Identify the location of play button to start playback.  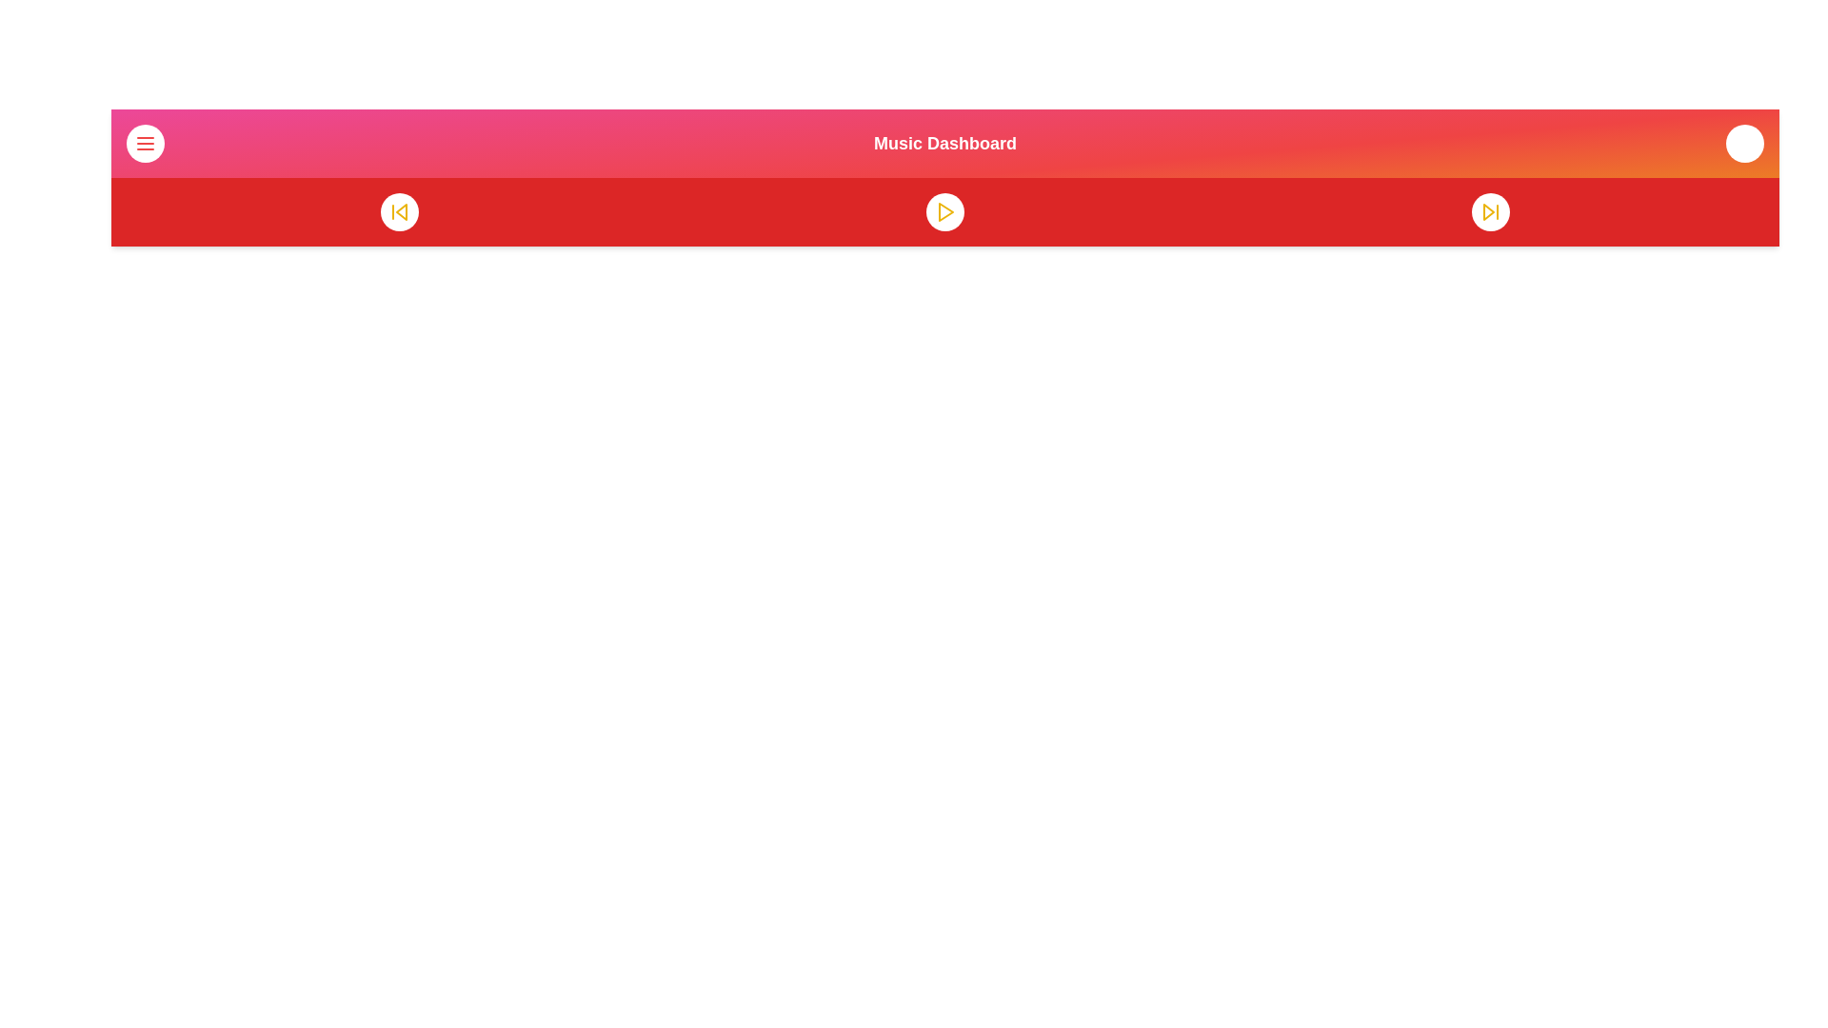
(945, 212).